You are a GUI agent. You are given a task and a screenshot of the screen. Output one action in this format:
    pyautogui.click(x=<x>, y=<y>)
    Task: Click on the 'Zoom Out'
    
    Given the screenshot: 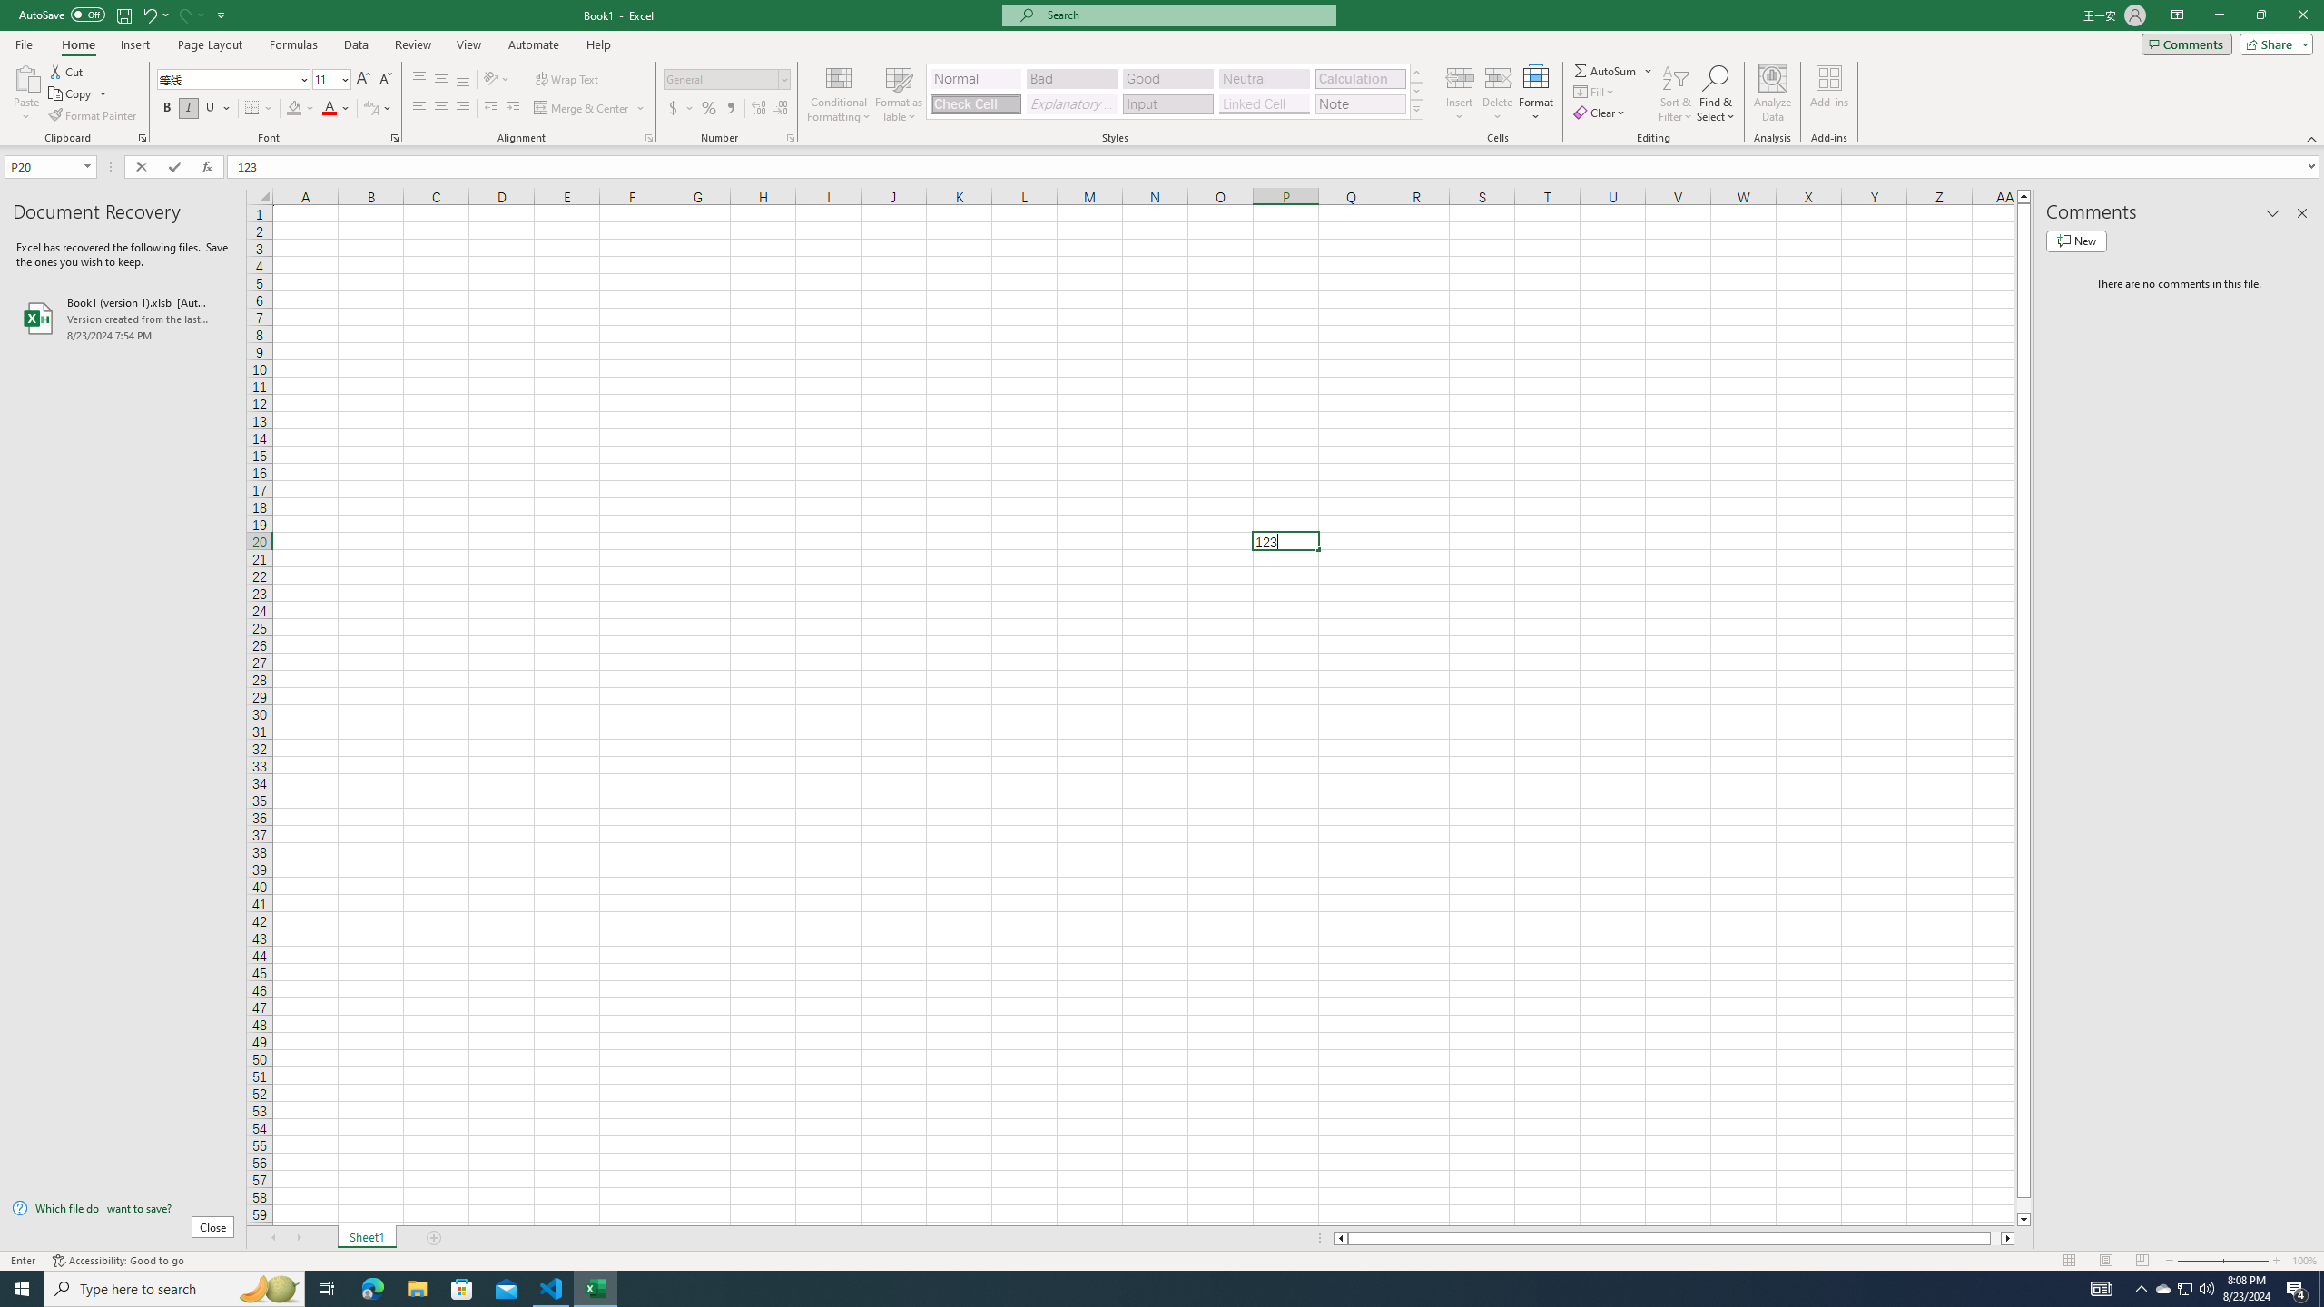 What is the action you would take?
    pyautogui.click(x=2199, y=1261)
    